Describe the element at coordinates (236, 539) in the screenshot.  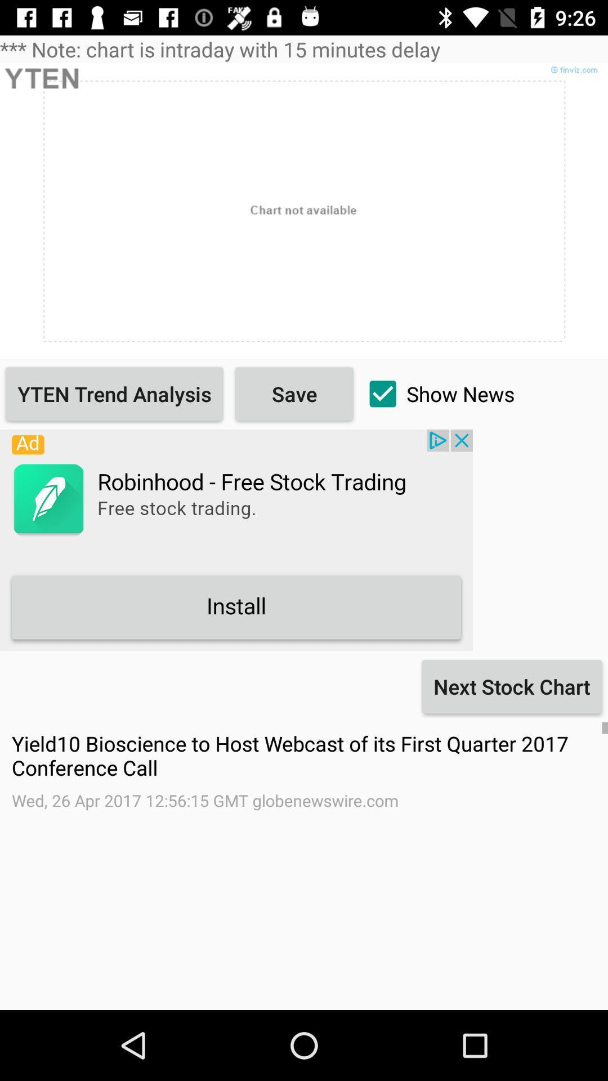
I see `advertising partner` at that location.